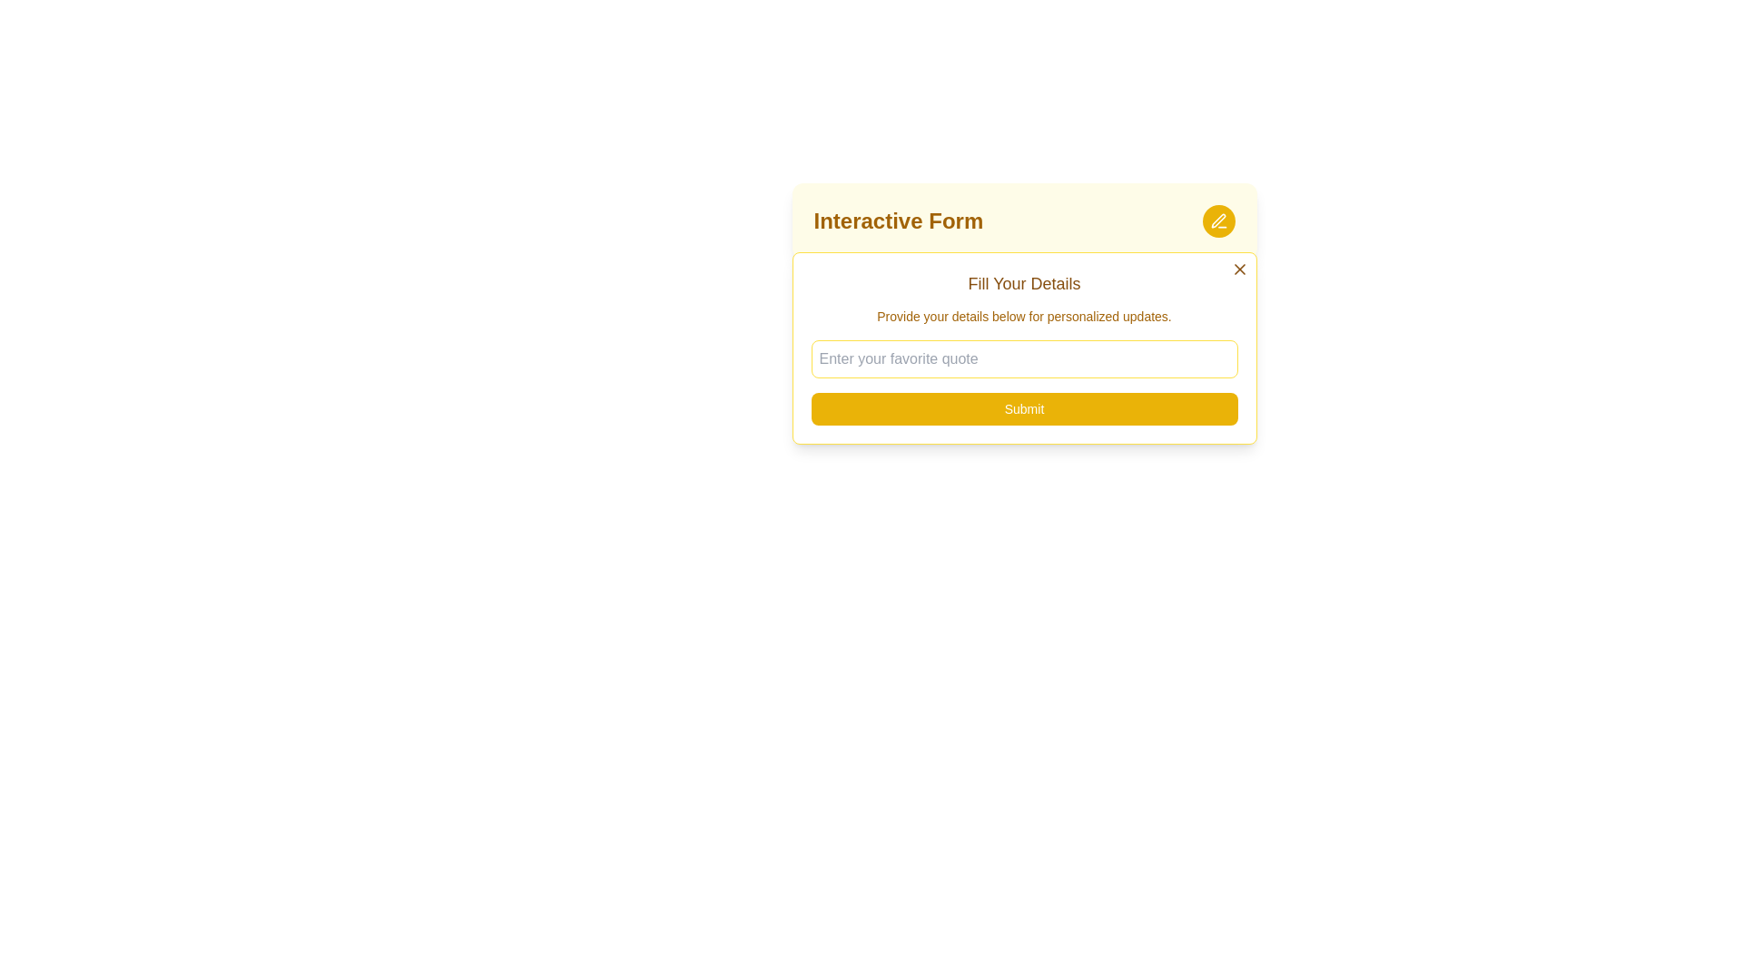 Image resolution: width=1743 pixels, height=980 pixels. What do you see at coordinates (1218, 220) in the screenshot?
I see `the pen-shaped icon with a yellow background located at the upper right corner of the 'Interactive Form' header` at bounding box center [1218, 220].